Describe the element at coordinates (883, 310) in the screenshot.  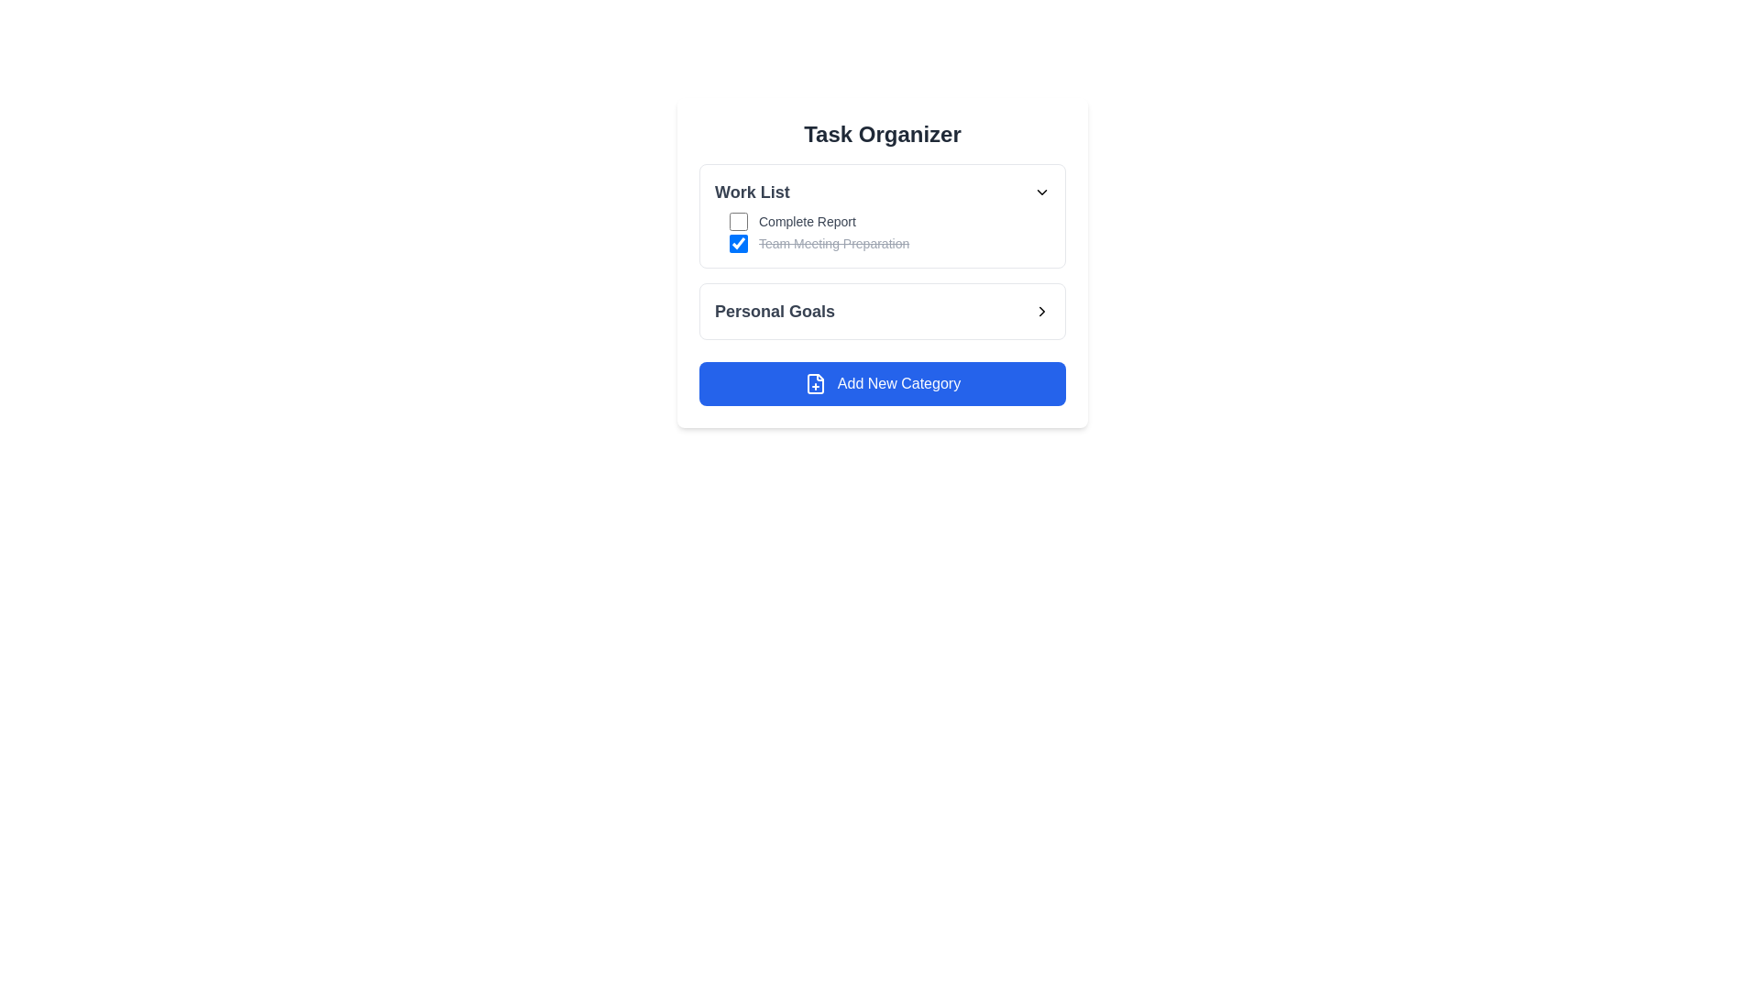
I see `the 'Personal Goals' navigational button` at that location.